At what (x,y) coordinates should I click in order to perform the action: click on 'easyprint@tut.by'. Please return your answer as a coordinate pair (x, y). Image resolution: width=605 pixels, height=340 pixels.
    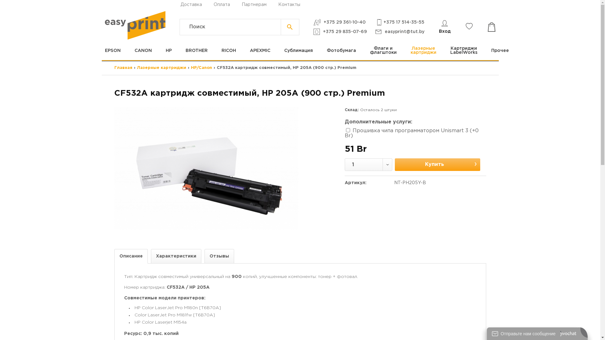
    Looking at the image, I should click on (399, 31).